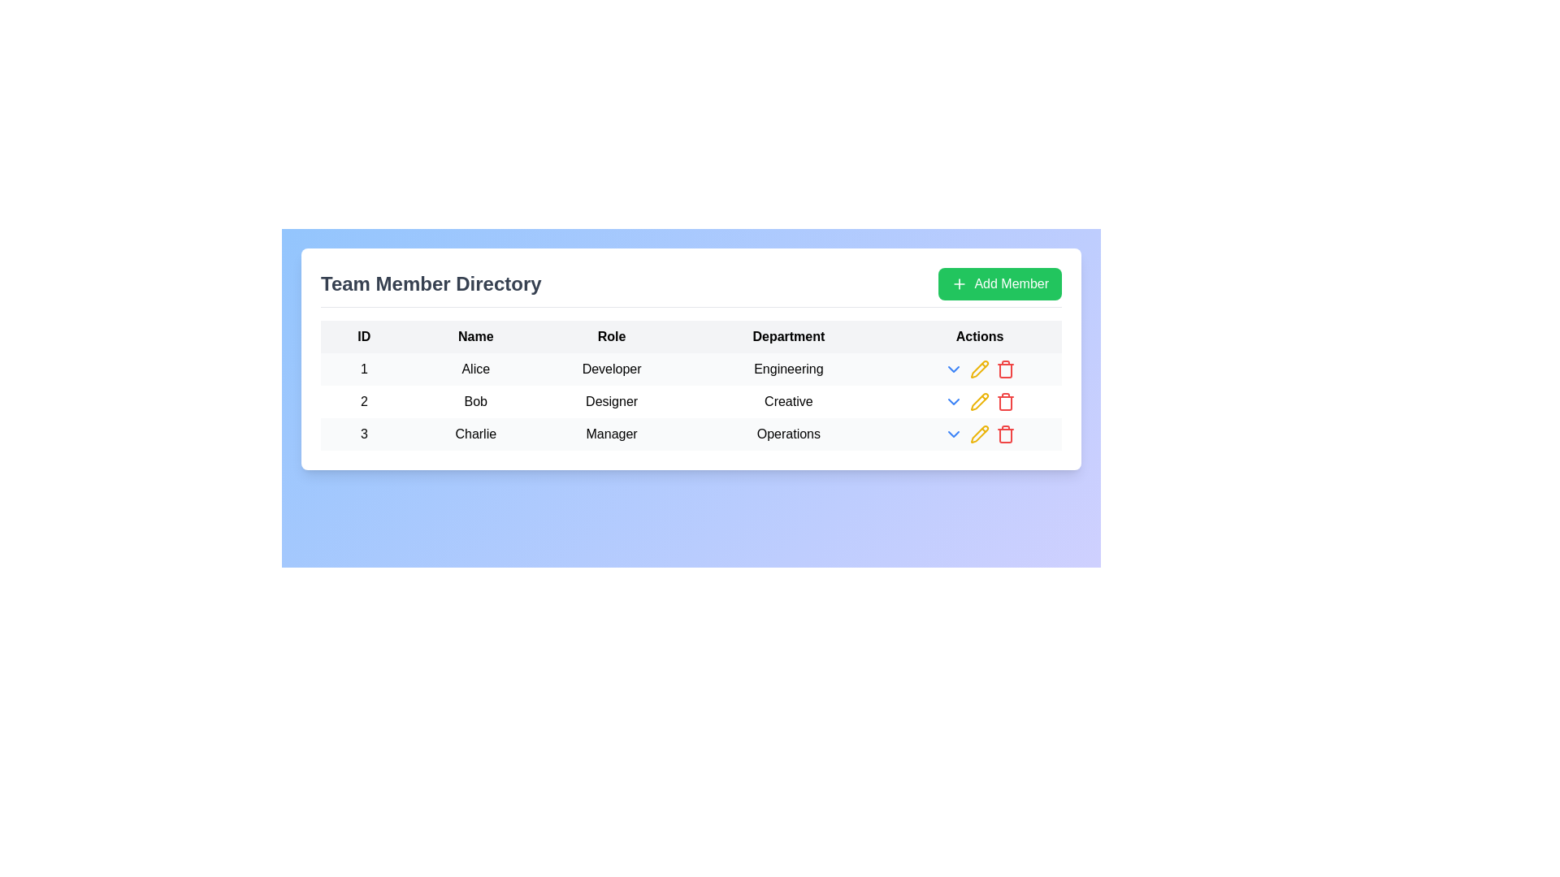  What do you see at coordinates (1005, 403) in the screenshot?
I see `the trash icon in the 'Actions' column of the last row corresponding to Charlie` at bounding box center [1005, 403].